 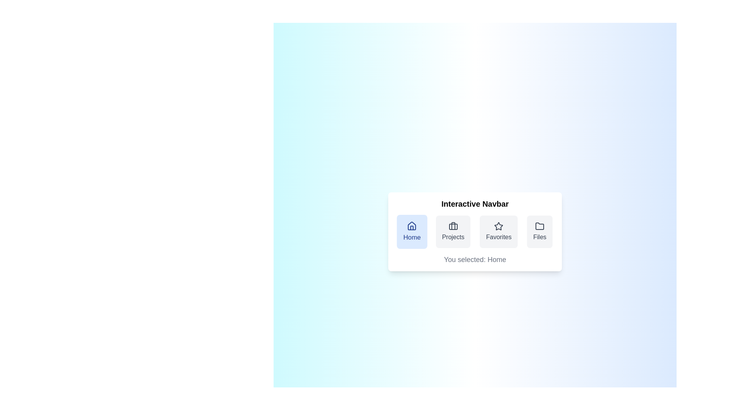 What do you see at coordinates (539, 231) in the screenshot?
I see `the navigation item Files in the navbar` at bounding box center [539, 231].